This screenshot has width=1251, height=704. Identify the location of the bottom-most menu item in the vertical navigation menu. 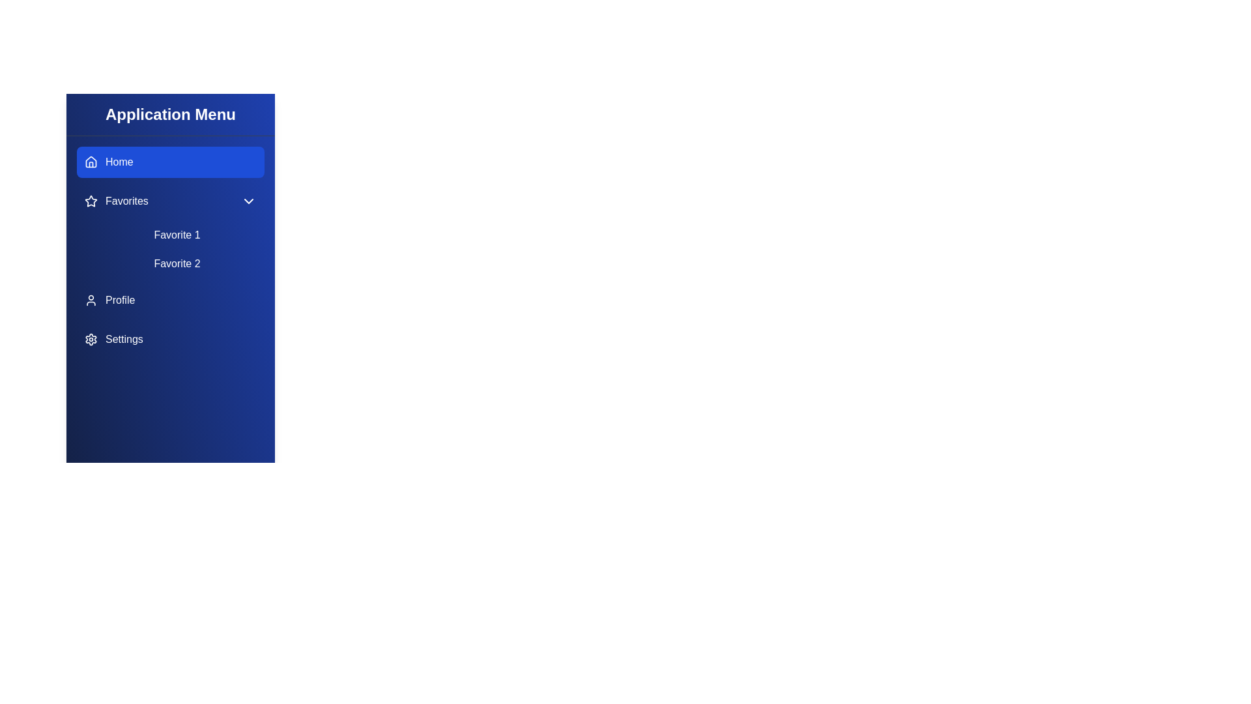
(170, 338).